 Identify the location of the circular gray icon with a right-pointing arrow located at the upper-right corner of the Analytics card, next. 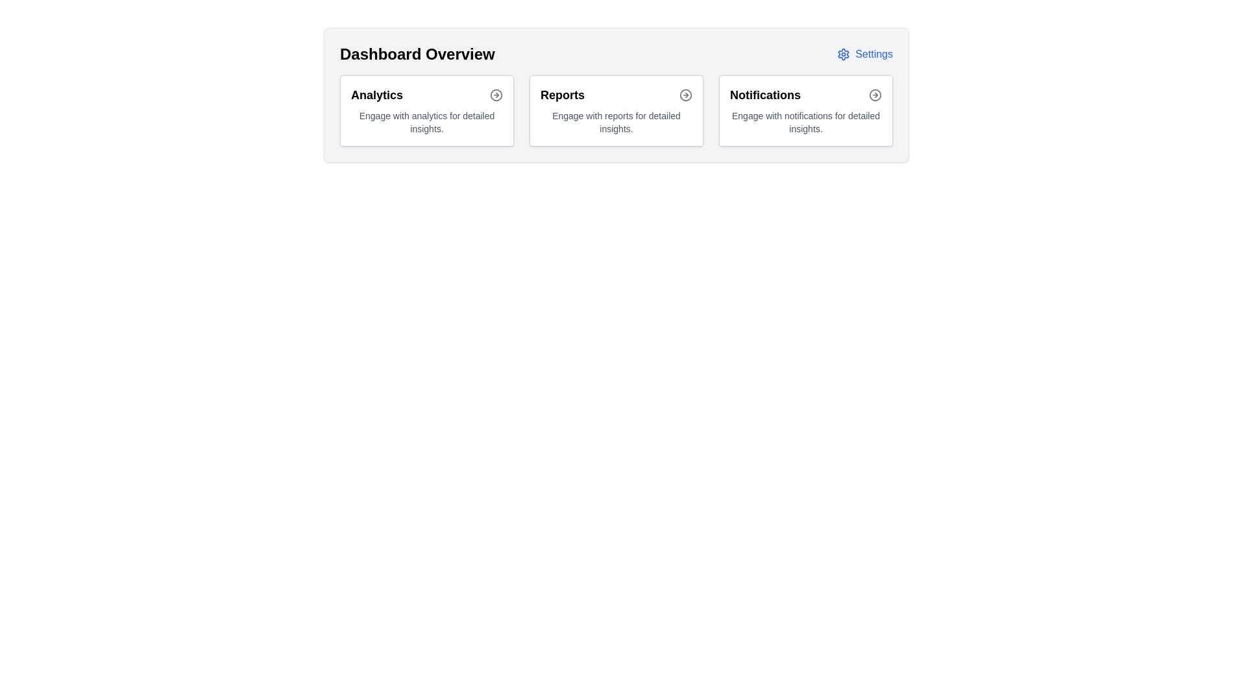
(495, 94).